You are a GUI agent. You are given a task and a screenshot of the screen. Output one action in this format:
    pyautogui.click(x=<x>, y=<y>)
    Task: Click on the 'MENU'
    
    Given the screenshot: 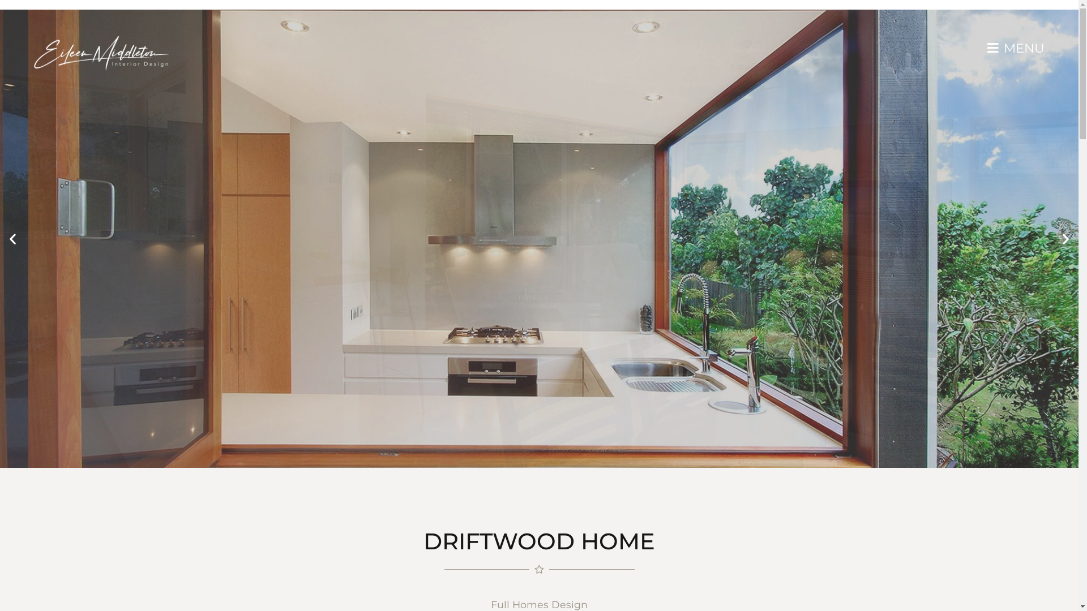 What is the action you would take?
    pyautogui.click(x=1016, y=47)
    